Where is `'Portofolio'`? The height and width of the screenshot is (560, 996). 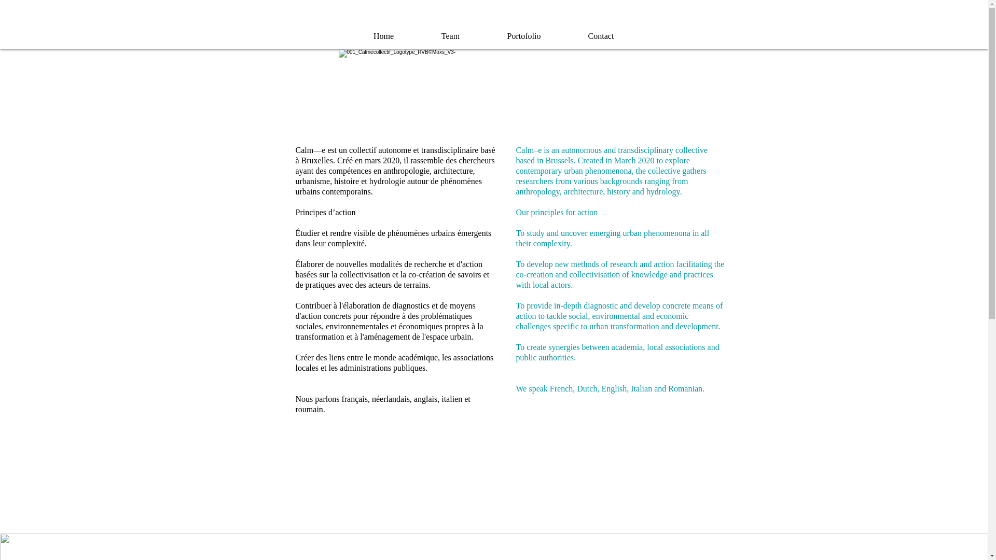
'Portofolio' is located at coordinates (523, 35).